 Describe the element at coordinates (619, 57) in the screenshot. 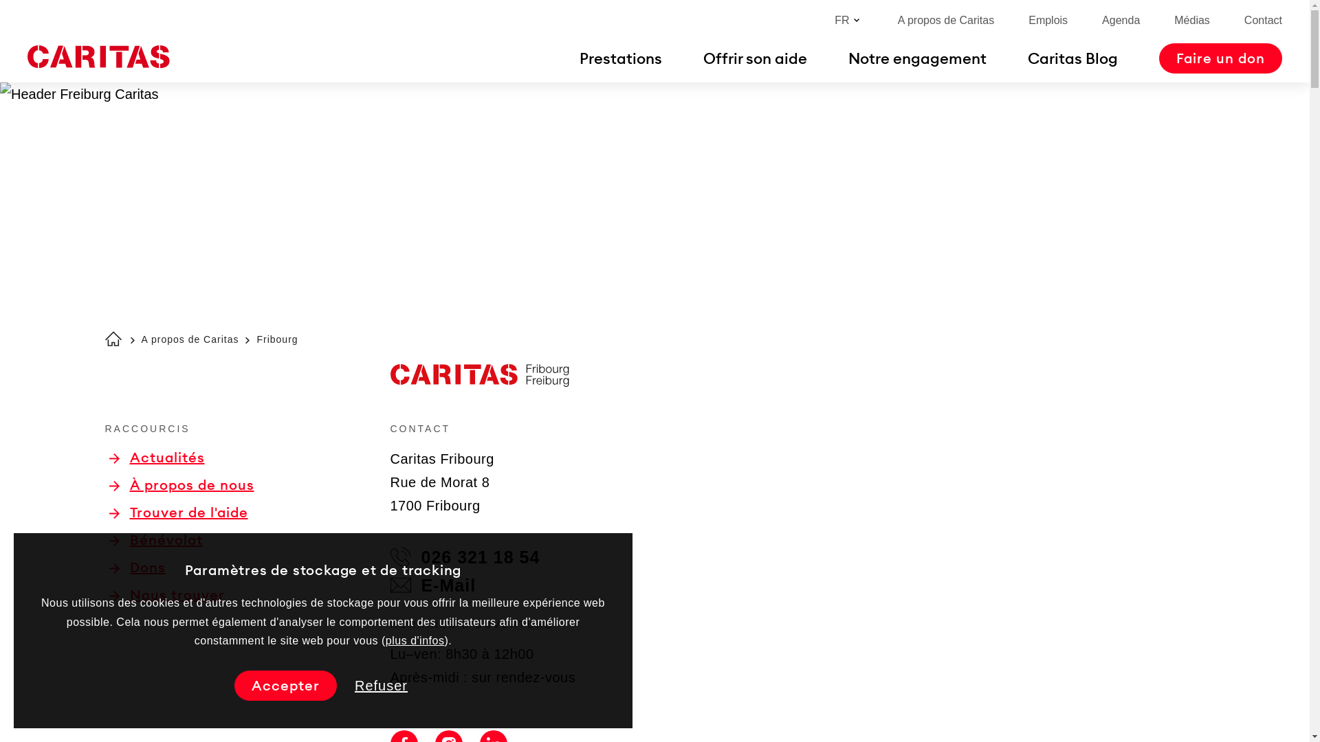

I see `'Prestations'` at that location.